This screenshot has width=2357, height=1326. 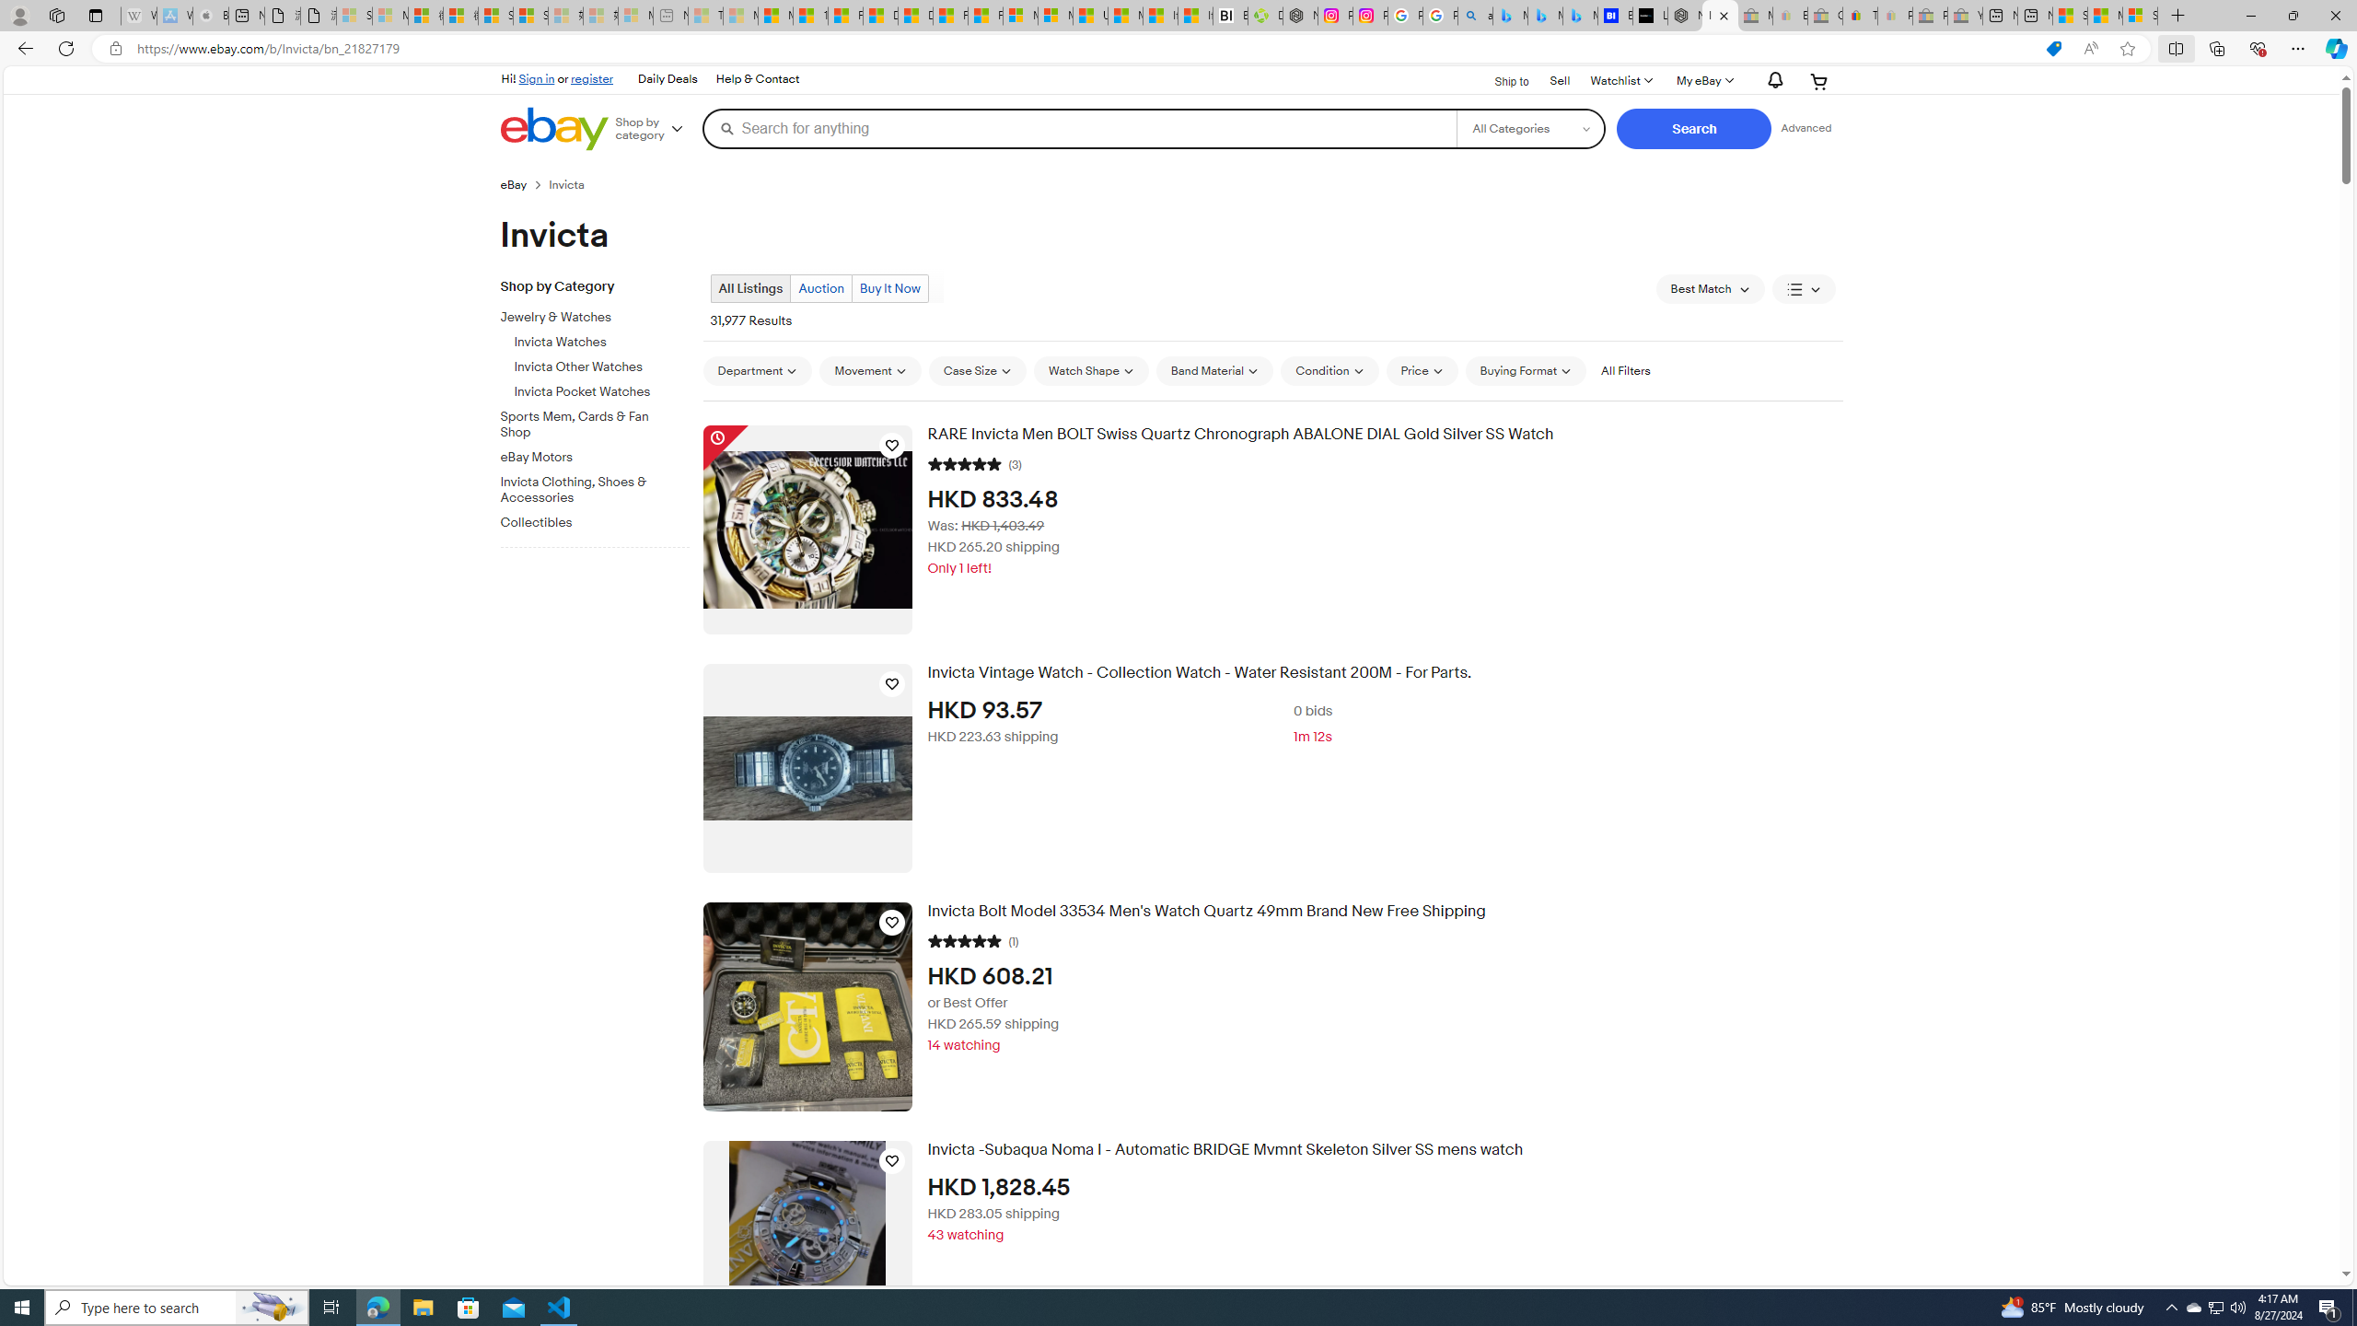 I want to click on 'Case Size', so click(x=977, y=370).